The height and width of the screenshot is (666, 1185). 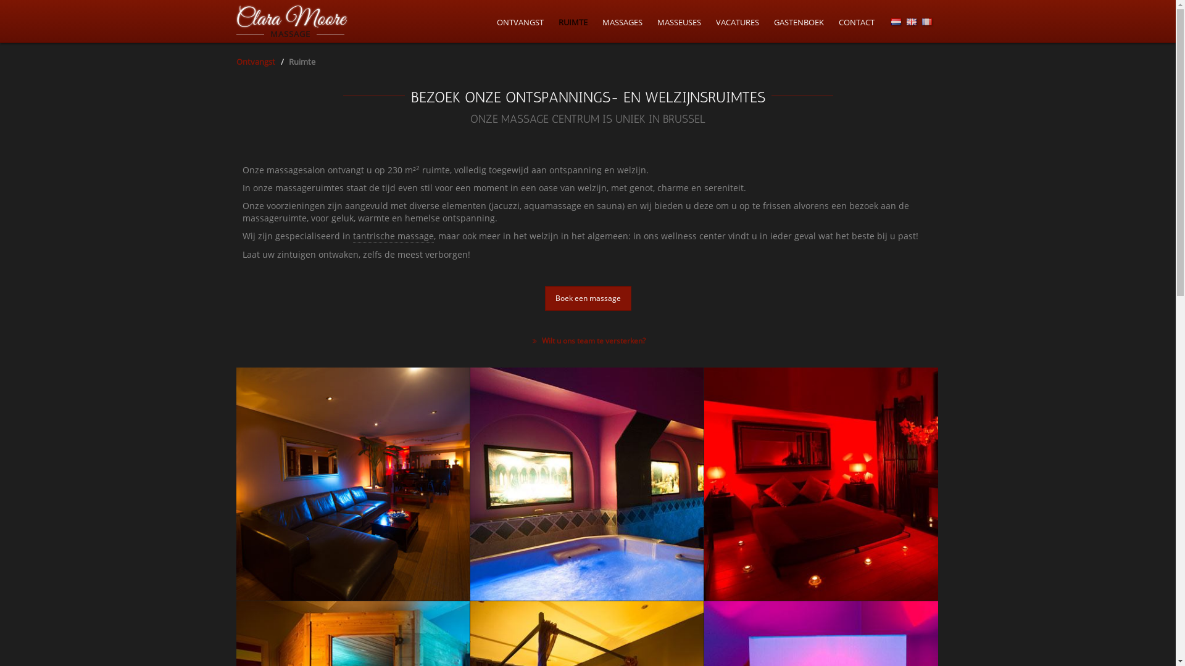 What do you see at coordinates (855, 22) in the screenshot?
I see `'CONTACT'` at bounding box center [855, 22].